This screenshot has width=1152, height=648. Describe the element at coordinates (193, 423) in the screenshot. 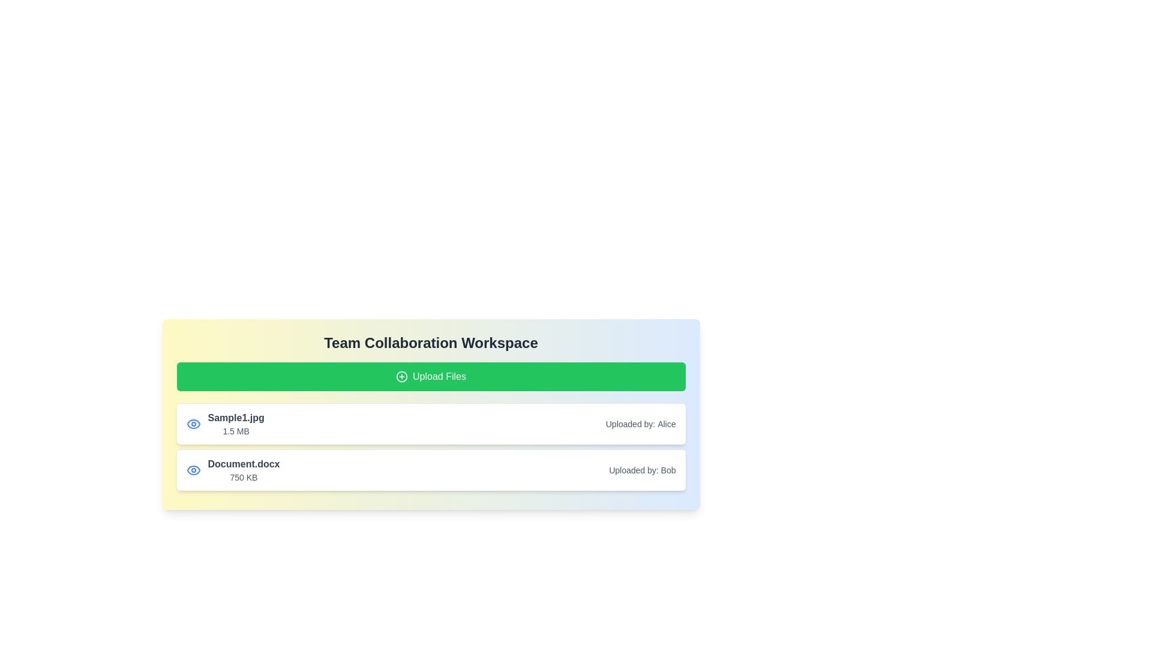

I see `the blue SVG eye icon located to the left of the filename 'Sample1.jpg' in the file list item` at that location.